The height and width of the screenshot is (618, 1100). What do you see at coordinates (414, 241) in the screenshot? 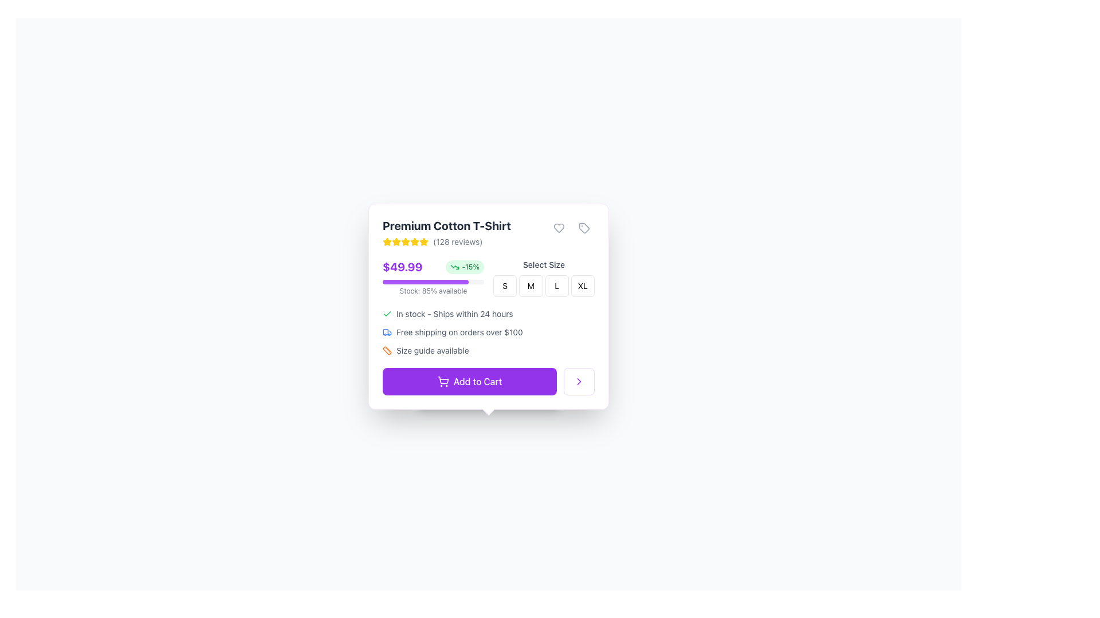
I see `the sixth star icon in the horizontal row of star rating icons used for product rating` at bounding box center [414, 241].